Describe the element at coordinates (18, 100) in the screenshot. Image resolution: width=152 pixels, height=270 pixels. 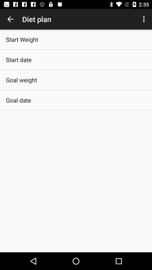
I see `goal date` at that location.